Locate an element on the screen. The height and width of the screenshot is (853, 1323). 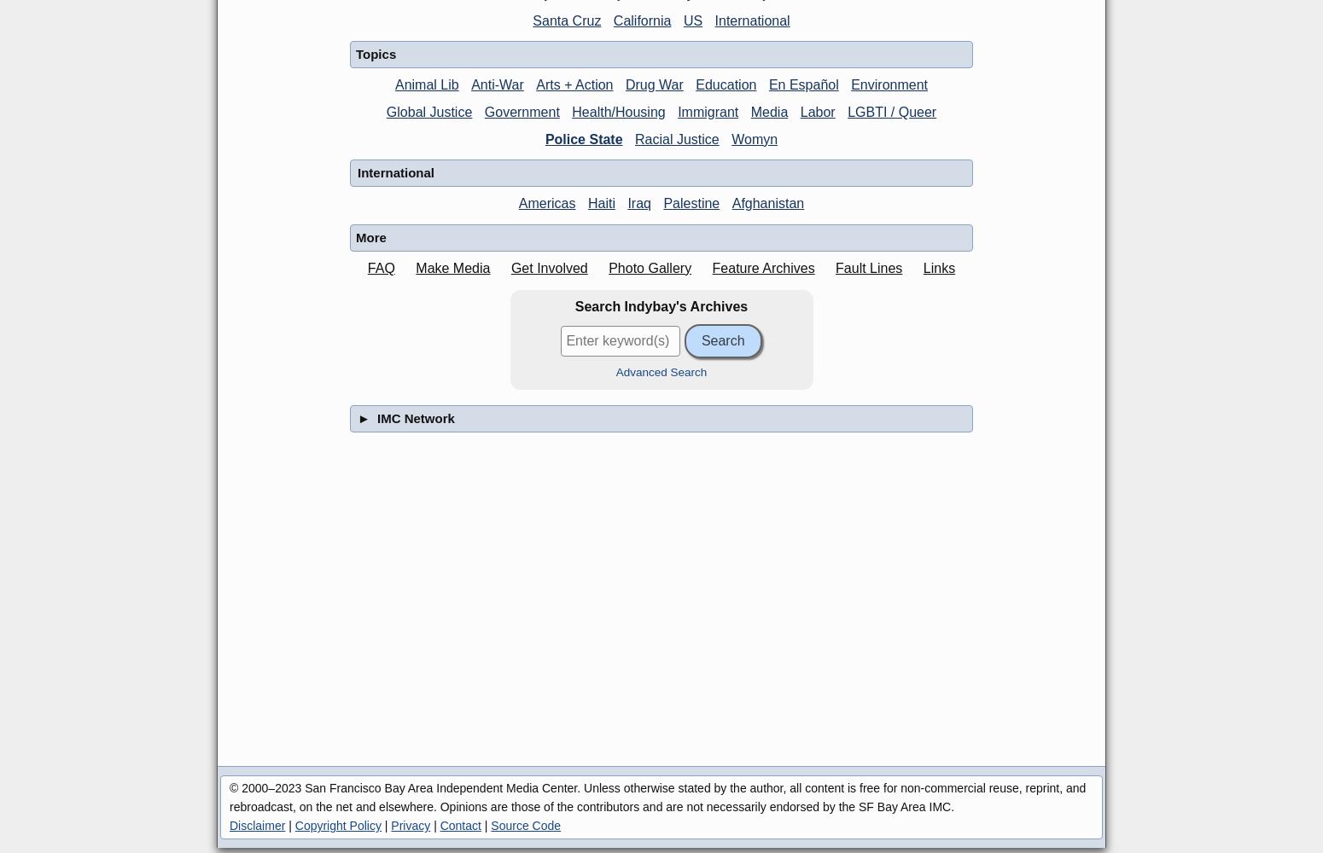
'Search Indybay's Archives' is located at coordinates (661, 305).